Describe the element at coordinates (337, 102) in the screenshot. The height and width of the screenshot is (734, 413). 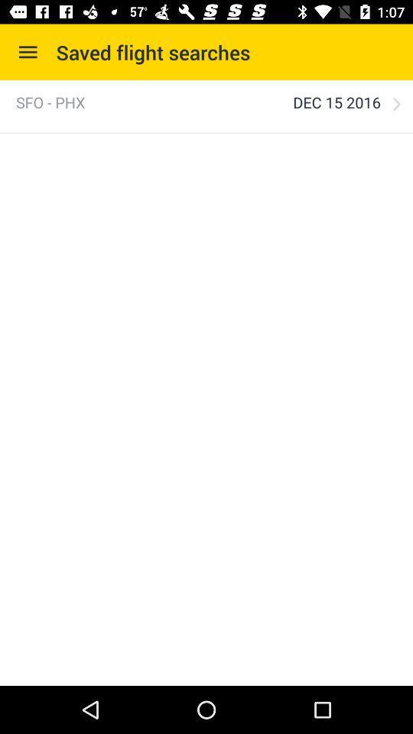
I see `the icon next to sfo - phx item` at that location.